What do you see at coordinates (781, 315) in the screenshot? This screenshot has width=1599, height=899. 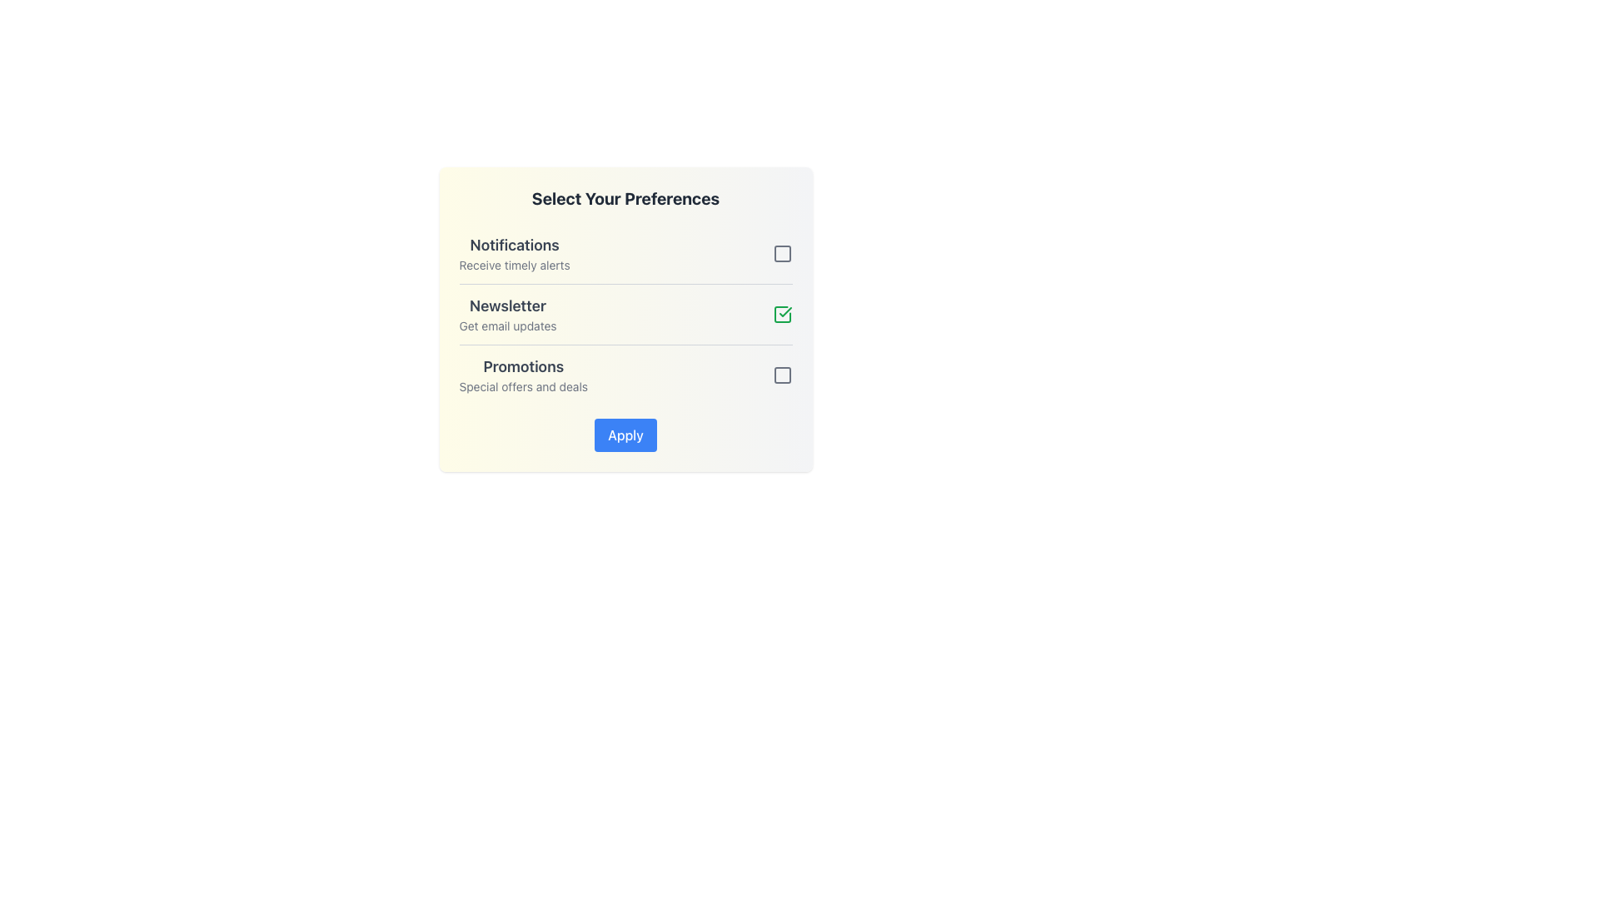 I see `attributes of the checkbox icon associated with the 'Newsletter' option, which is represented by a square outline containing a green checkmark` at bounding box center [781, 315].